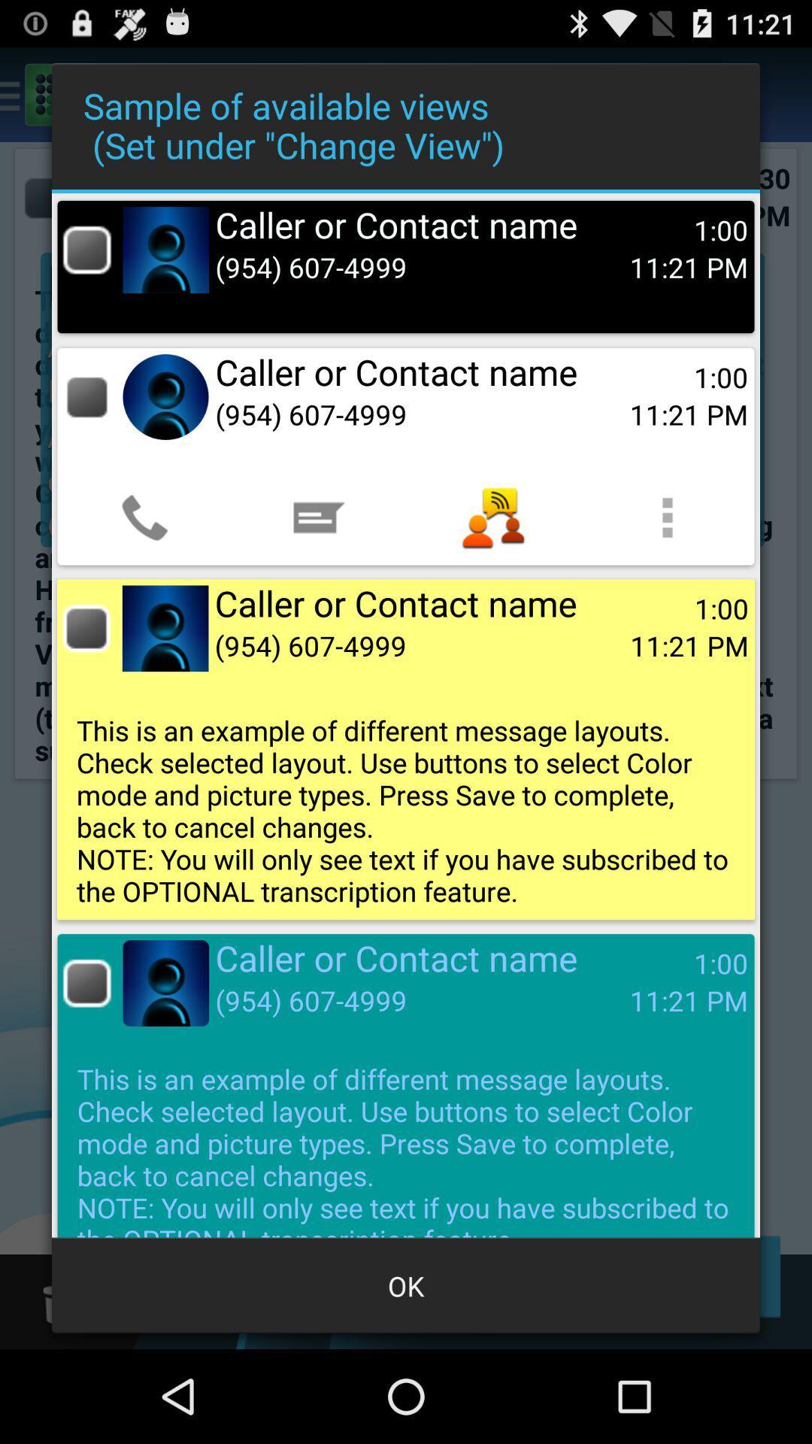 Image resolution: width=812 pixels, height=1444 pixels. Describe the element at coordinates (492, 517) in the screenshot. I see `the app below (954) 607-4999 app` at that location.